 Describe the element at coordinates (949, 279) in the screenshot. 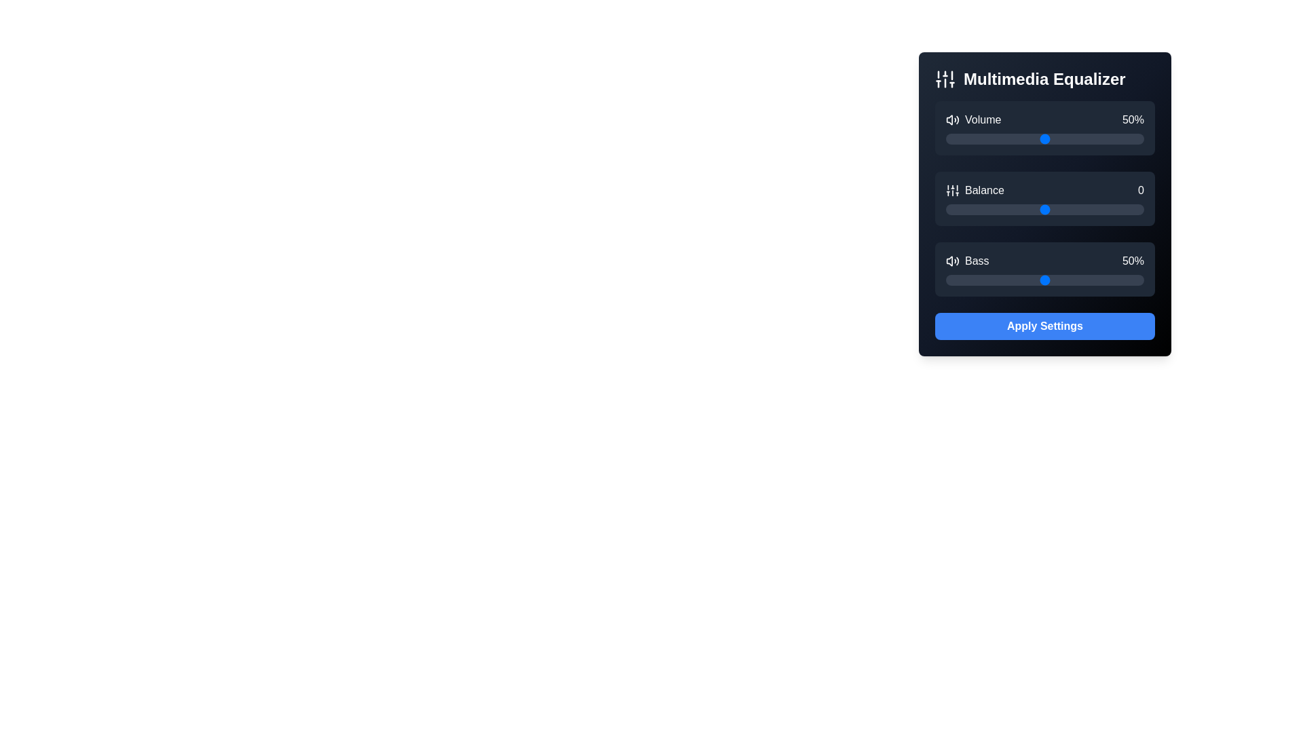

I see `bass level` at that location.